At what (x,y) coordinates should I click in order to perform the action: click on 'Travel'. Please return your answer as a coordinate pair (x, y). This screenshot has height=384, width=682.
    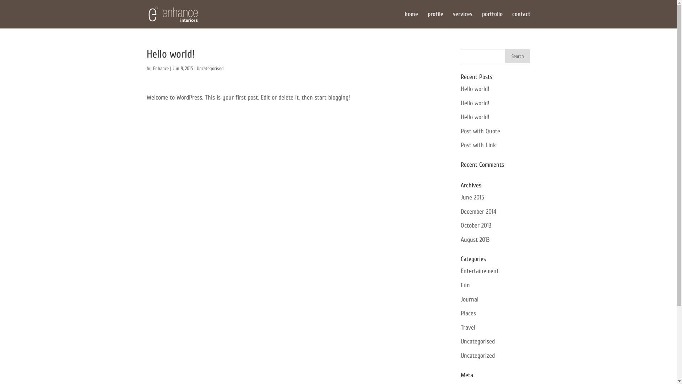
    Looking at the image, I should click on (460, 327).